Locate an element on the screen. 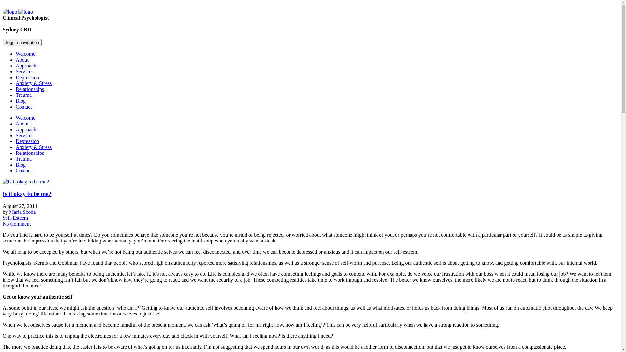 Image resolution: width=626 pixels, height=352 pixels. 'No Comment' is located at coordinates (3, 223).